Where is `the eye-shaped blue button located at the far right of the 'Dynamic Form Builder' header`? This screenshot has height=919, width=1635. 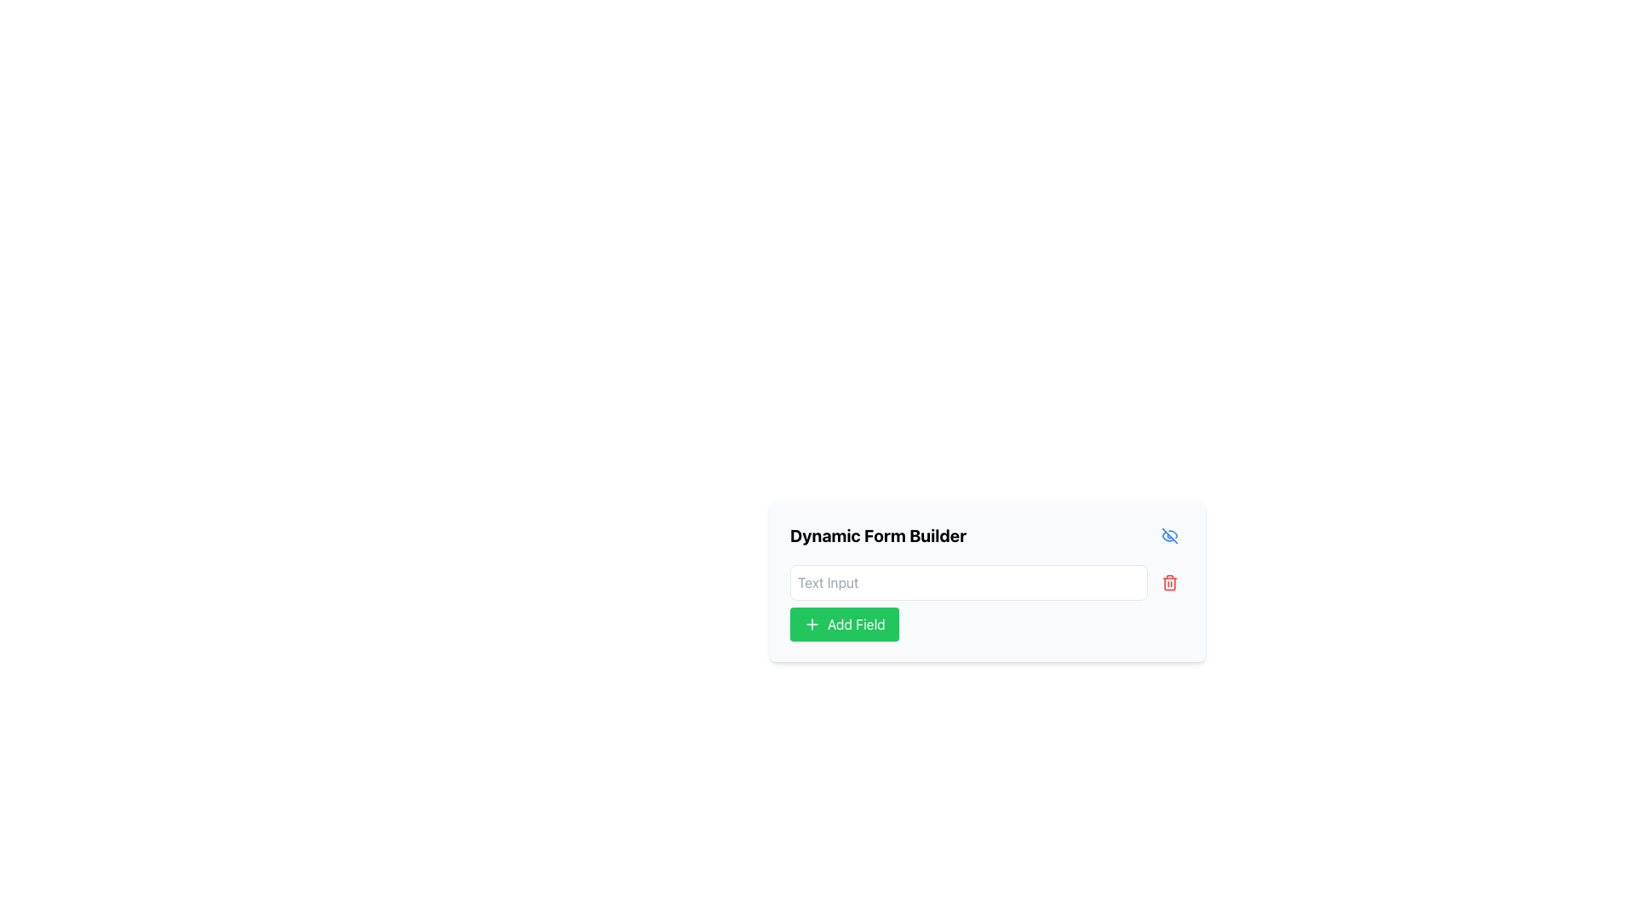 the eye-shaped blue button located at the far right of the 'Dynamic Form Builder' header is located at coordinates (1168, 534).